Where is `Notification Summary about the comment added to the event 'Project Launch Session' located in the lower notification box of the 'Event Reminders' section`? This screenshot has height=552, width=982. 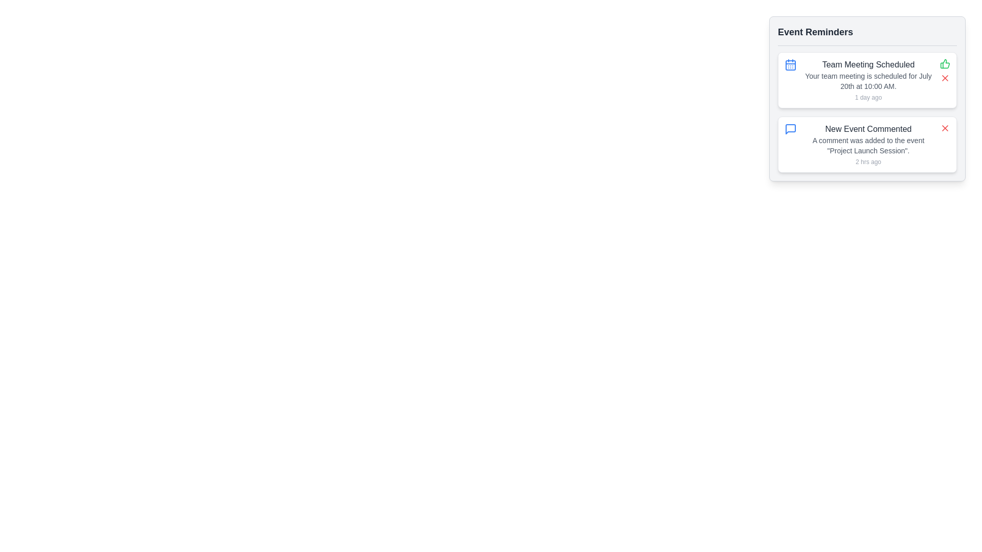
Notification Summary about the comment added to the event 'Project Launch Session' located in the lower notification box of the 'Event Reminders' section is located at coordinates (868, 144).